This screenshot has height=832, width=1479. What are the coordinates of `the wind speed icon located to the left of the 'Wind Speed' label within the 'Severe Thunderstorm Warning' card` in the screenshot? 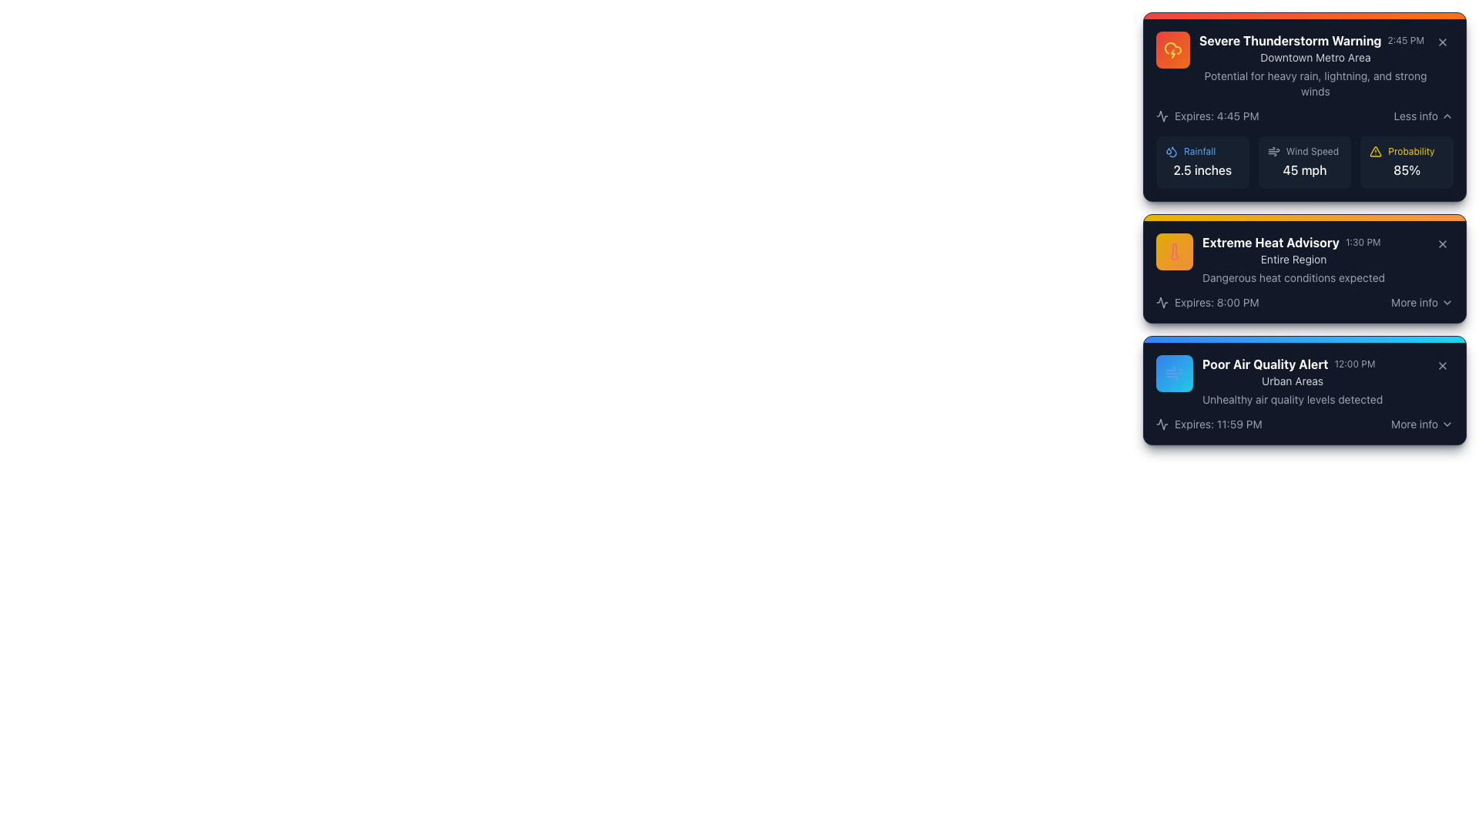 It's located at (1273, 151).